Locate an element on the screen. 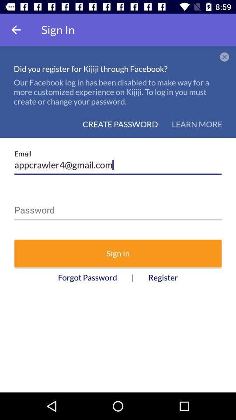 The image size is (236, 420). item next to the create password icon is located at coordinates (197, 124).